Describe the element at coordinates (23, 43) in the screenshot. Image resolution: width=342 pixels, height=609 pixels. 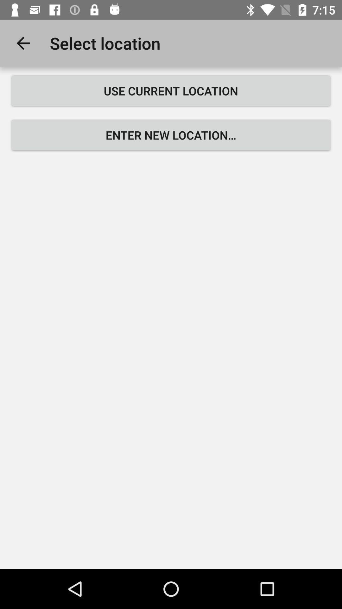
I see `item above use current location icon` at that location.